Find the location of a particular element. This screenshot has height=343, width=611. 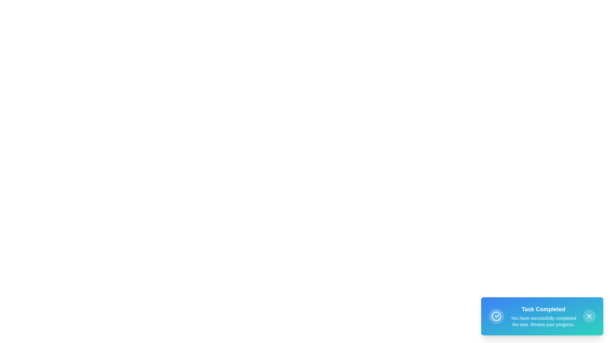

the circular button with a white 'X' icon at its center is located at coordinates (589, 316).